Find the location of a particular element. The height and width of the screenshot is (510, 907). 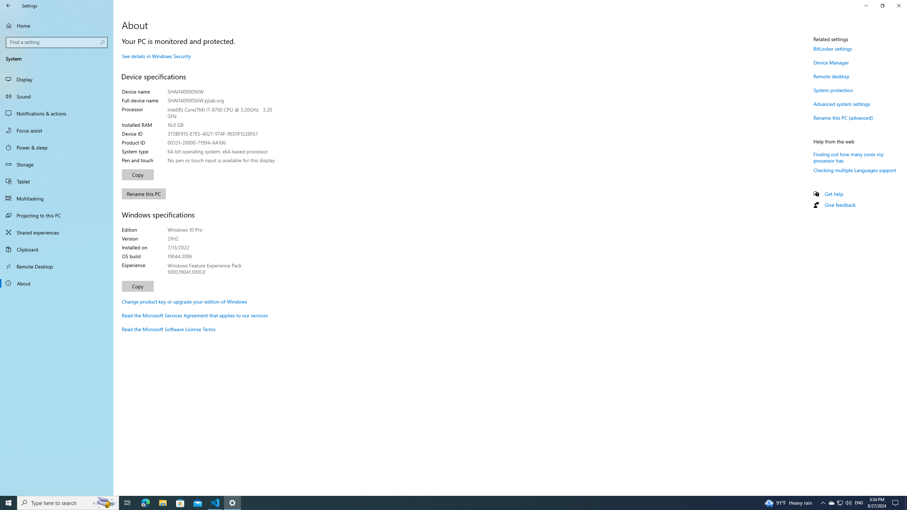

'Checking multiple Languages support' is located at coordinates (855, 170).